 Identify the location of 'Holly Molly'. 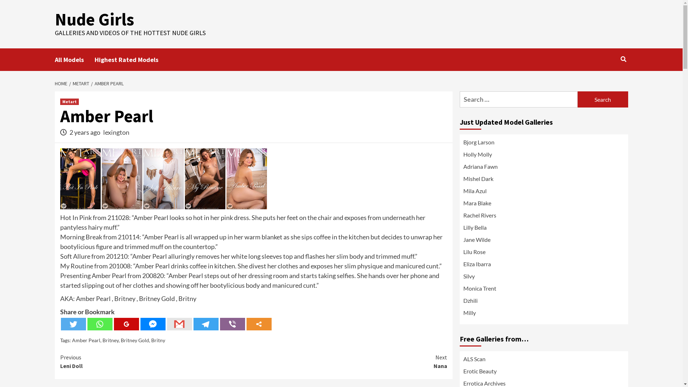
(543, 156).